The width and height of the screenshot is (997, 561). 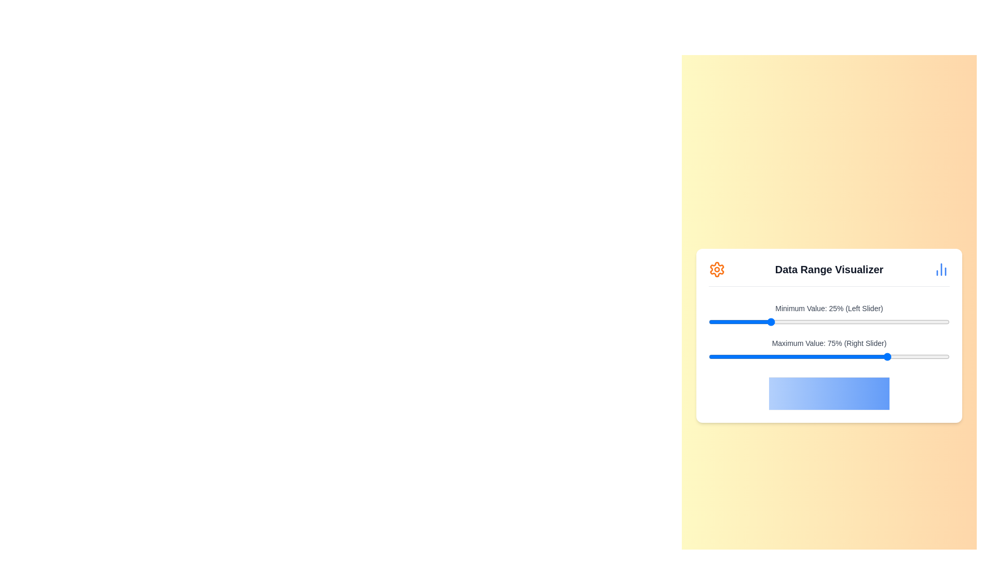 What do you see at coordinates (774, 321) in the screenshot?
I see `the left slider` at bounding box center [774, 321].